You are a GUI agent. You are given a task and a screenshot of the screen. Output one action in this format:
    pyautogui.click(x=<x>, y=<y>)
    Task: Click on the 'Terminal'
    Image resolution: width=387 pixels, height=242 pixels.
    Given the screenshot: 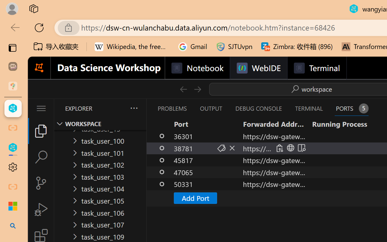 What is the action you would take?
    pyautogui.click(x=316, y=68)
    